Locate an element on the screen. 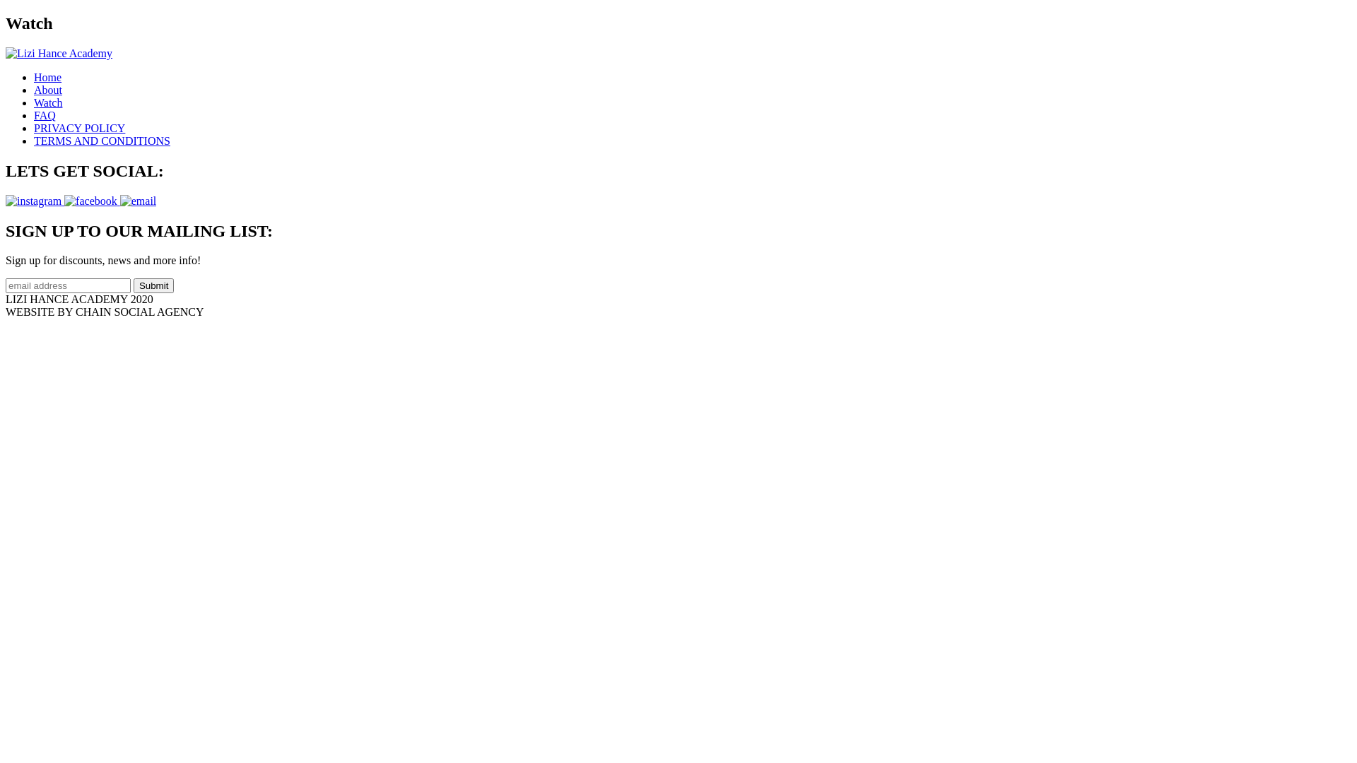  'About' is located at coordinates (47, 90).